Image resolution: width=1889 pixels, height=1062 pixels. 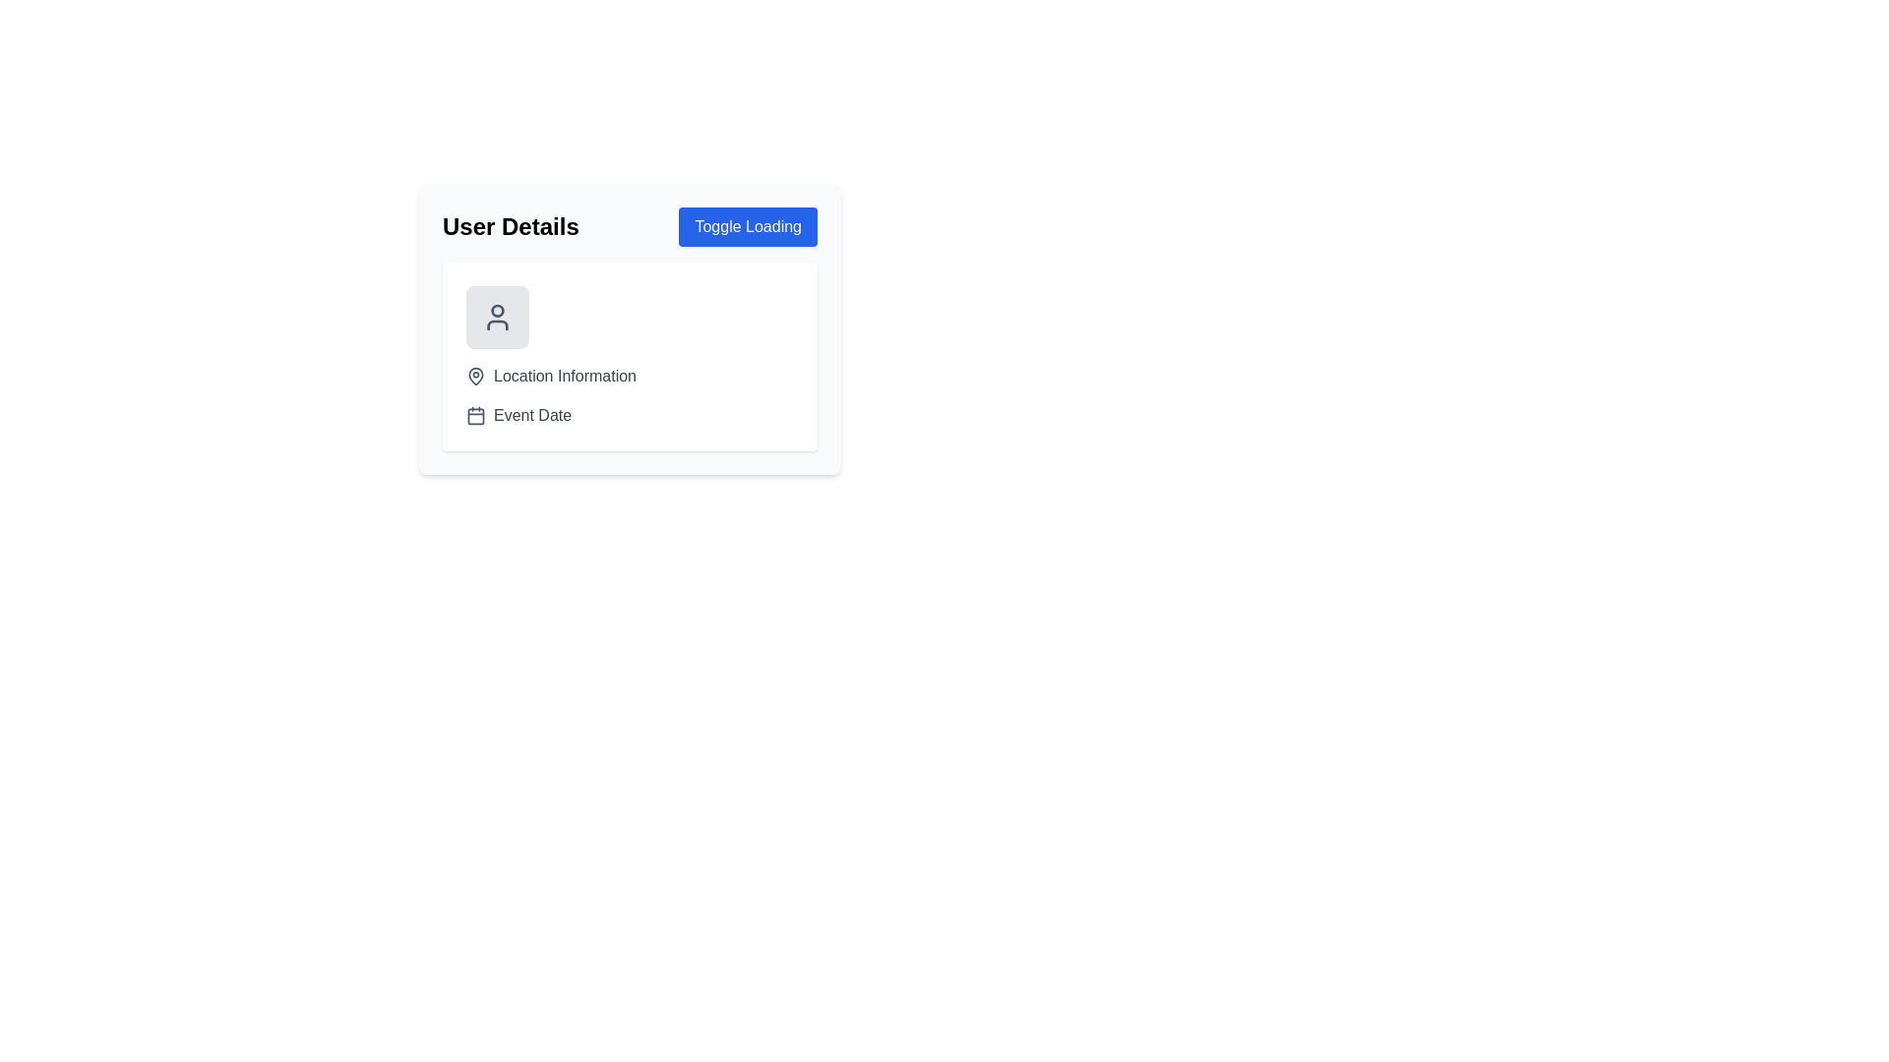 I want to click on the 'User Details' section which contains the bold title on the left, so click(x=630, y=226).